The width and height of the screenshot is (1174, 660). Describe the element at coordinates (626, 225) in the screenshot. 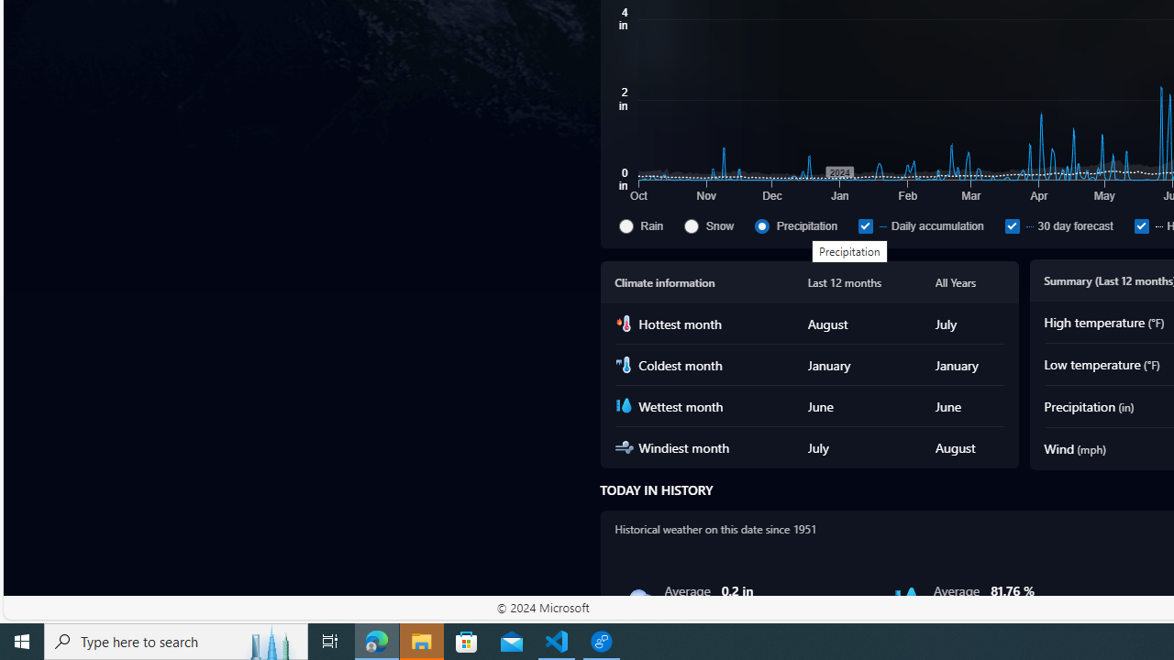

I see `'Rain'` at that location.